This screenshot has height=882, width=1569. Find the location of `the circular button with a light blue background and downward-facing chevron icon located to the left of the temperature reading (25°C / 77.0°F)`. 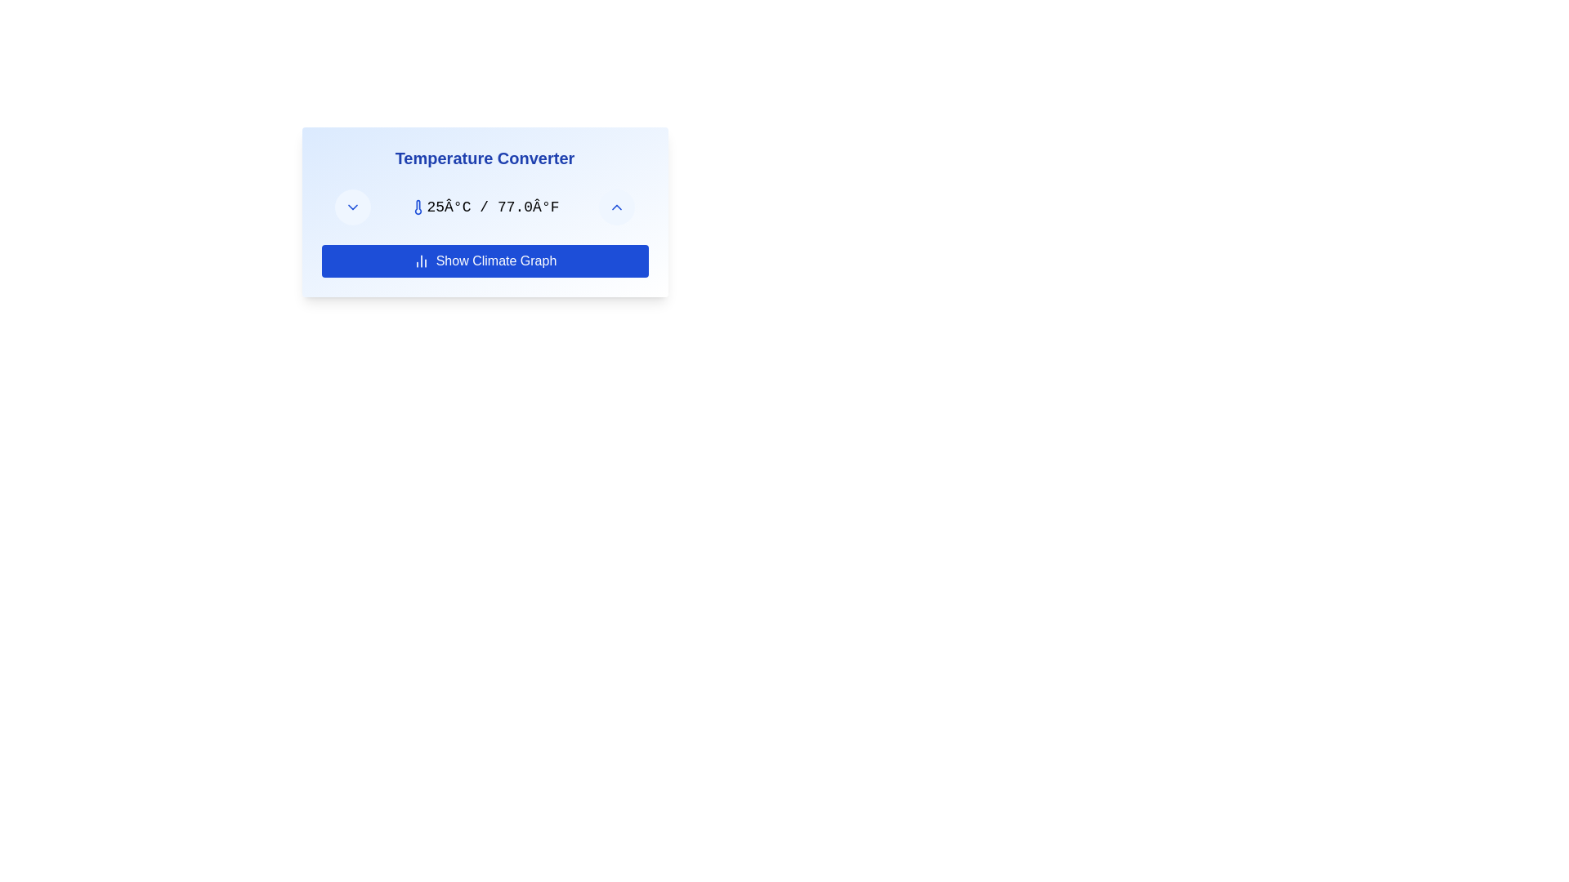

the circular button with a light blue background and downward-facing chevron icon located to the left of the temperature reading (25°C / 77.0°F) is located at coordinates (351, 207).